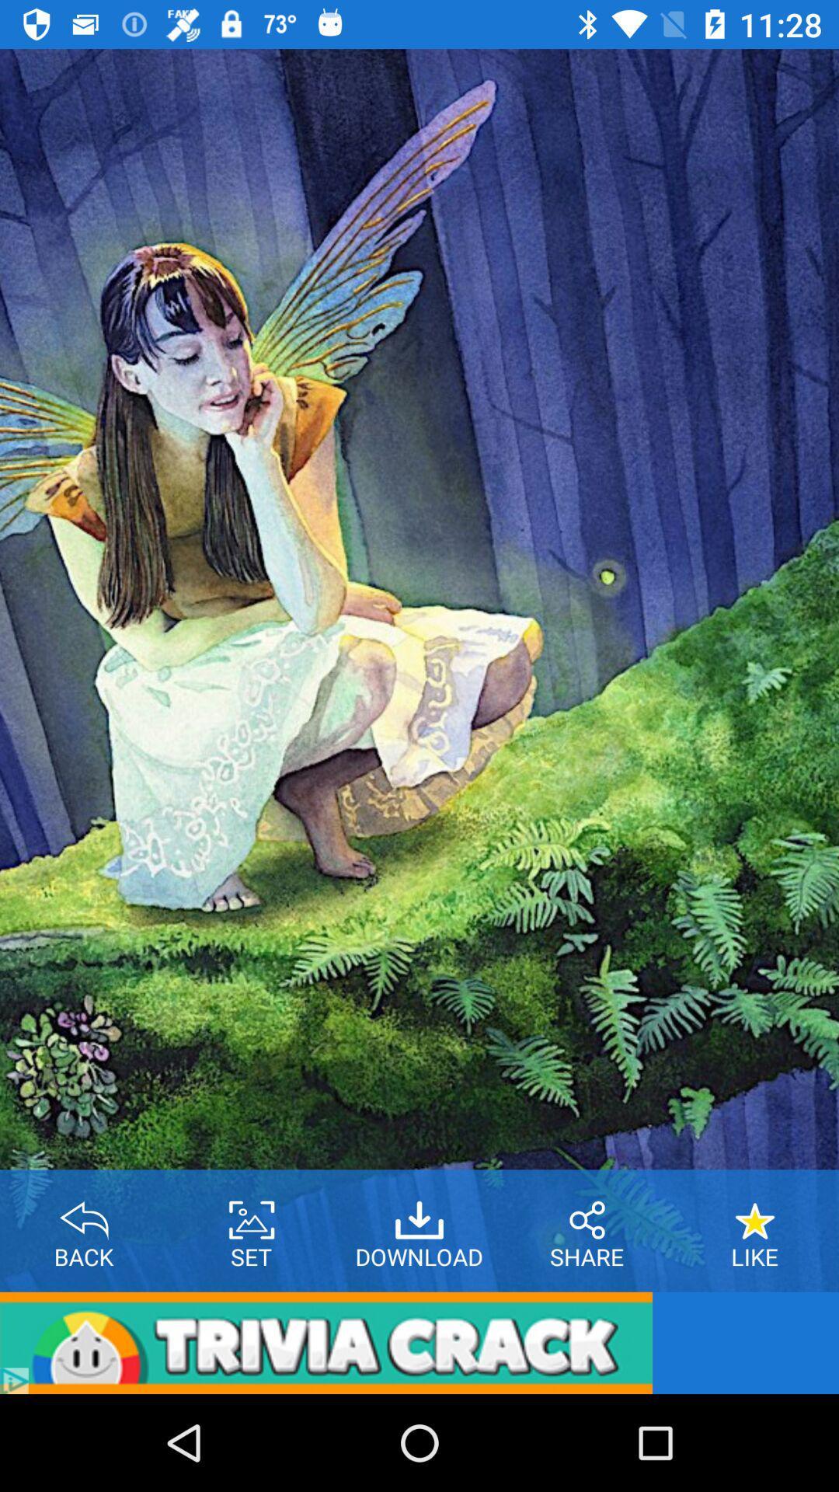  Describe the element at coordinates (326, 1342) in the screenshot. I see `the item below the back` at that location.